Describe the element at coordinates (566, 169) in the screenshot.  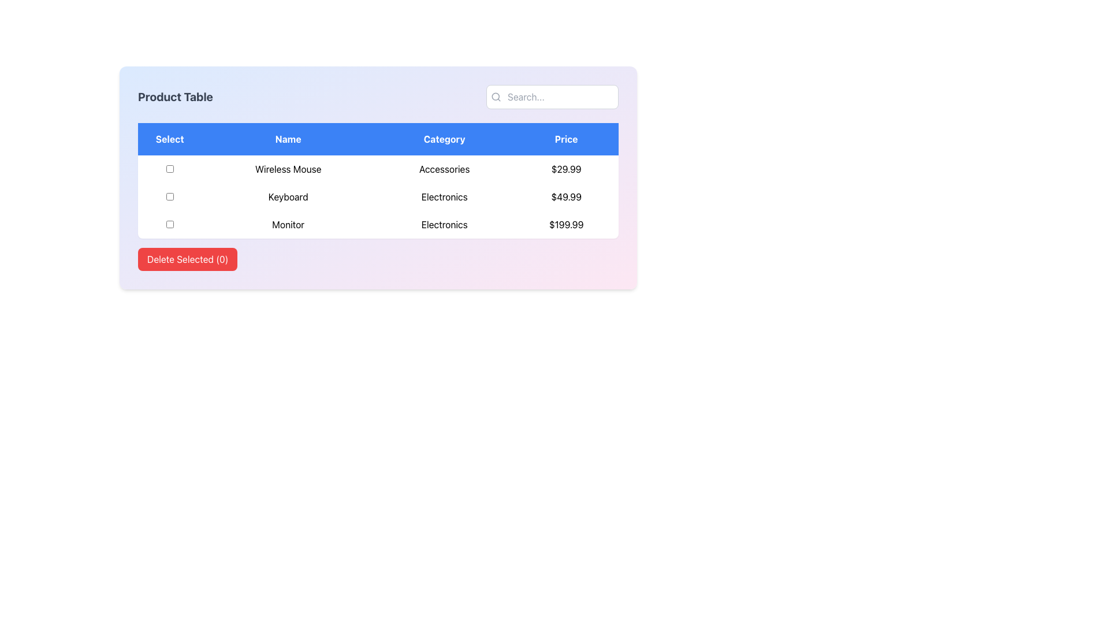
I see `the text element displaying '$29.99', which is aligned in the 'Price' column of the 'Wireless Mouse' row in the table` at that location.